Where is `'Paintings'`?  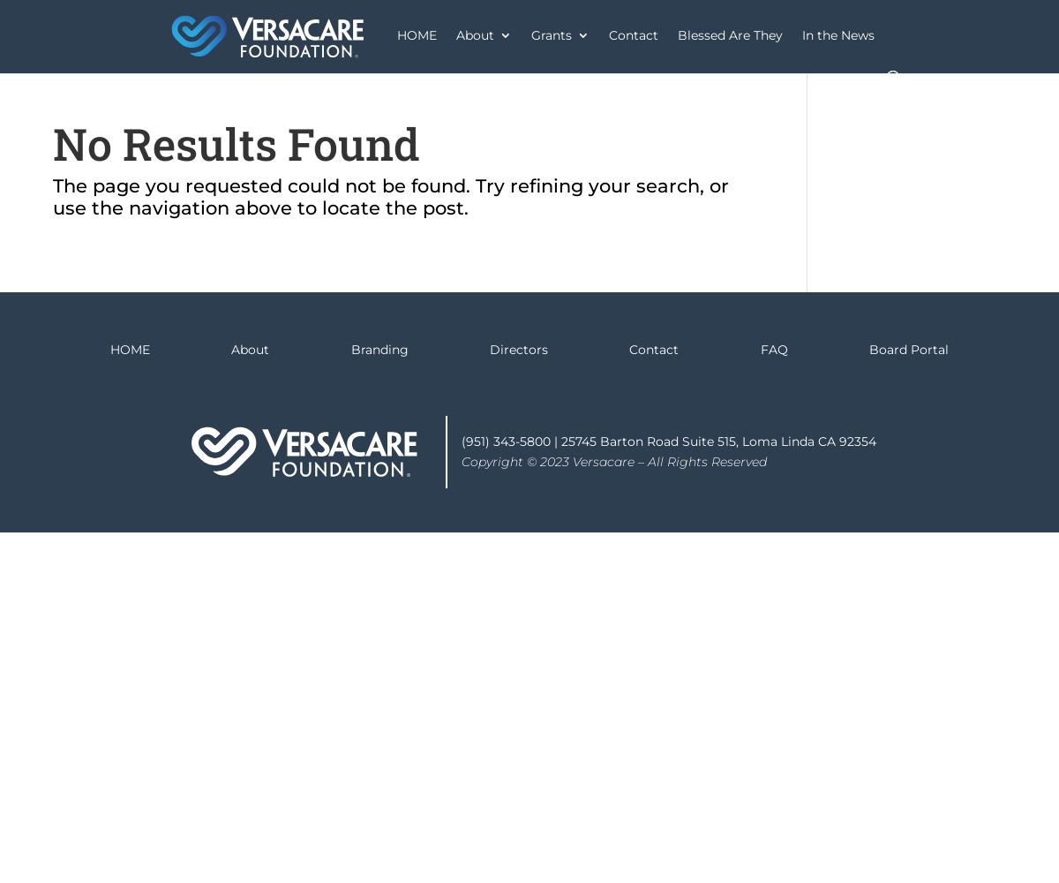 'Paintings' is located at coordinates (520, 196).